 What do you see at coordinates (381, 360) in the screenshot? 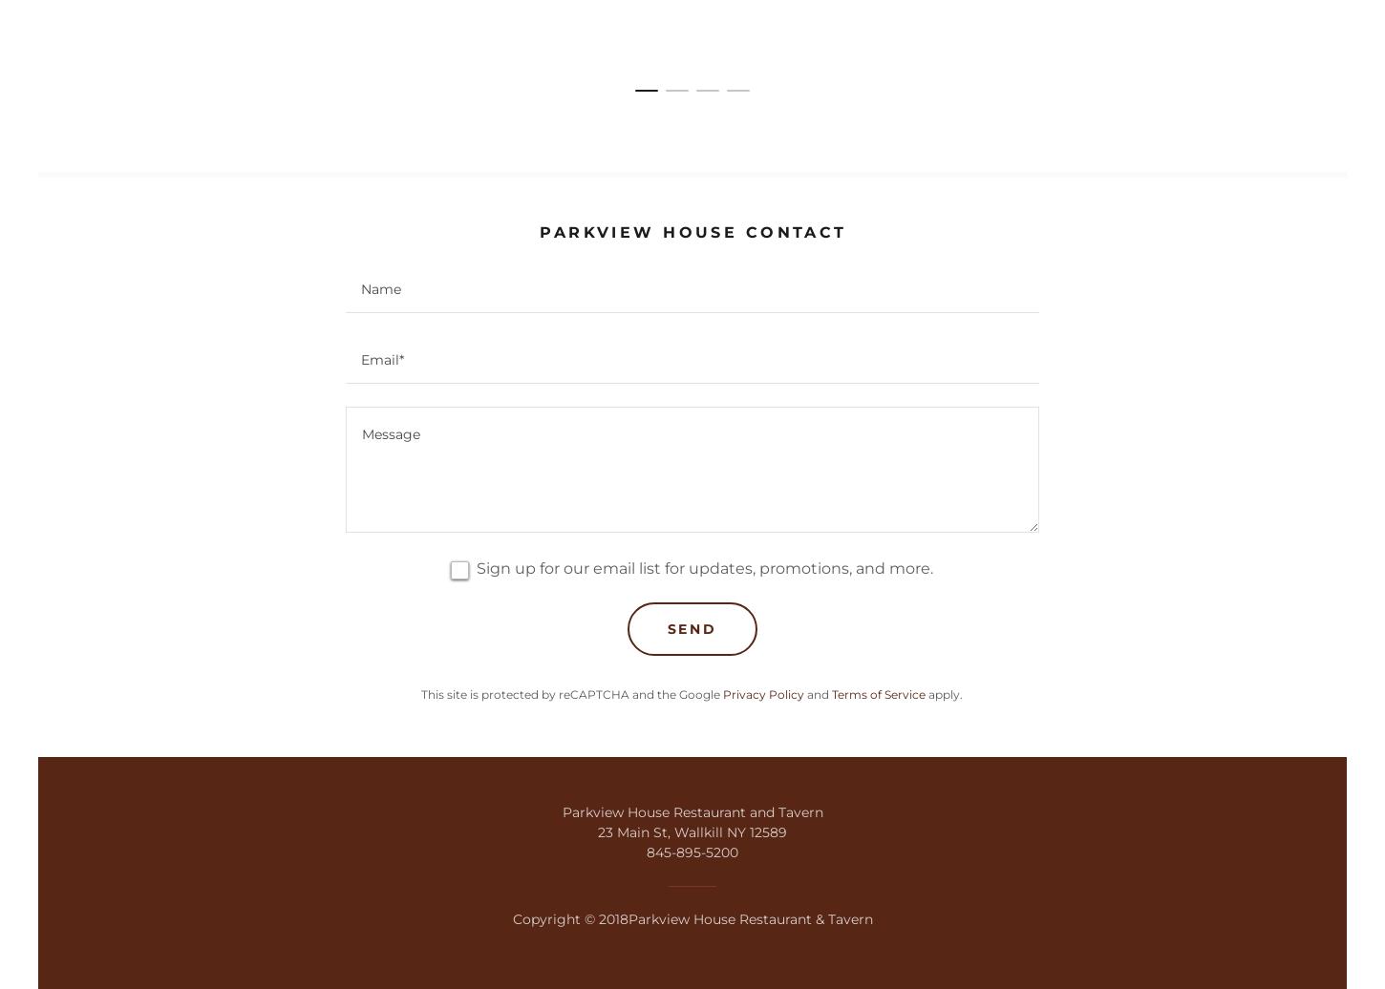
I see `'Email*'` at bounding box center [381, 360].